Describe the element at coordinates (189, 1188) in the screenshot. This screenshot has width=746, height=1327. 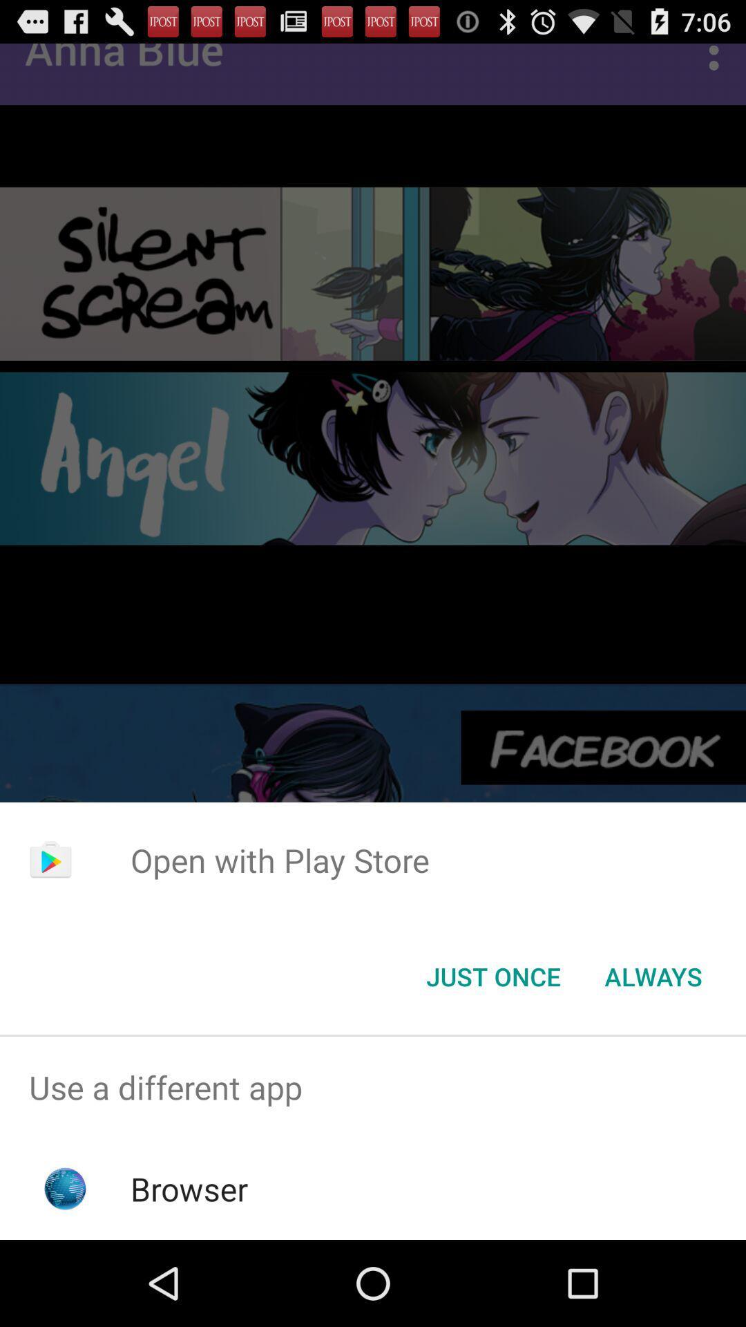
I see `the browser item` at that location.